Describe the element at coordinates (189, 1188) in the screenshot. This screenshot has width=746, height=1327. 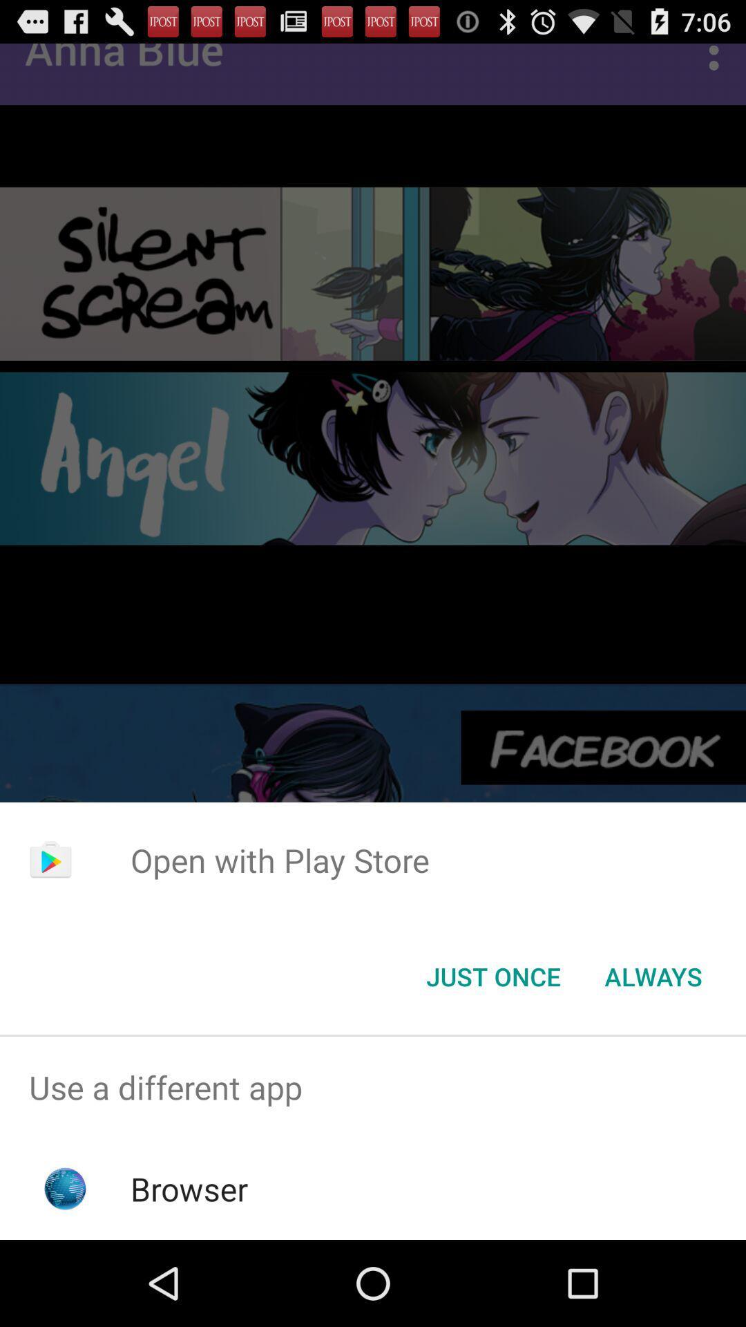
I see `the browser item` at that location.